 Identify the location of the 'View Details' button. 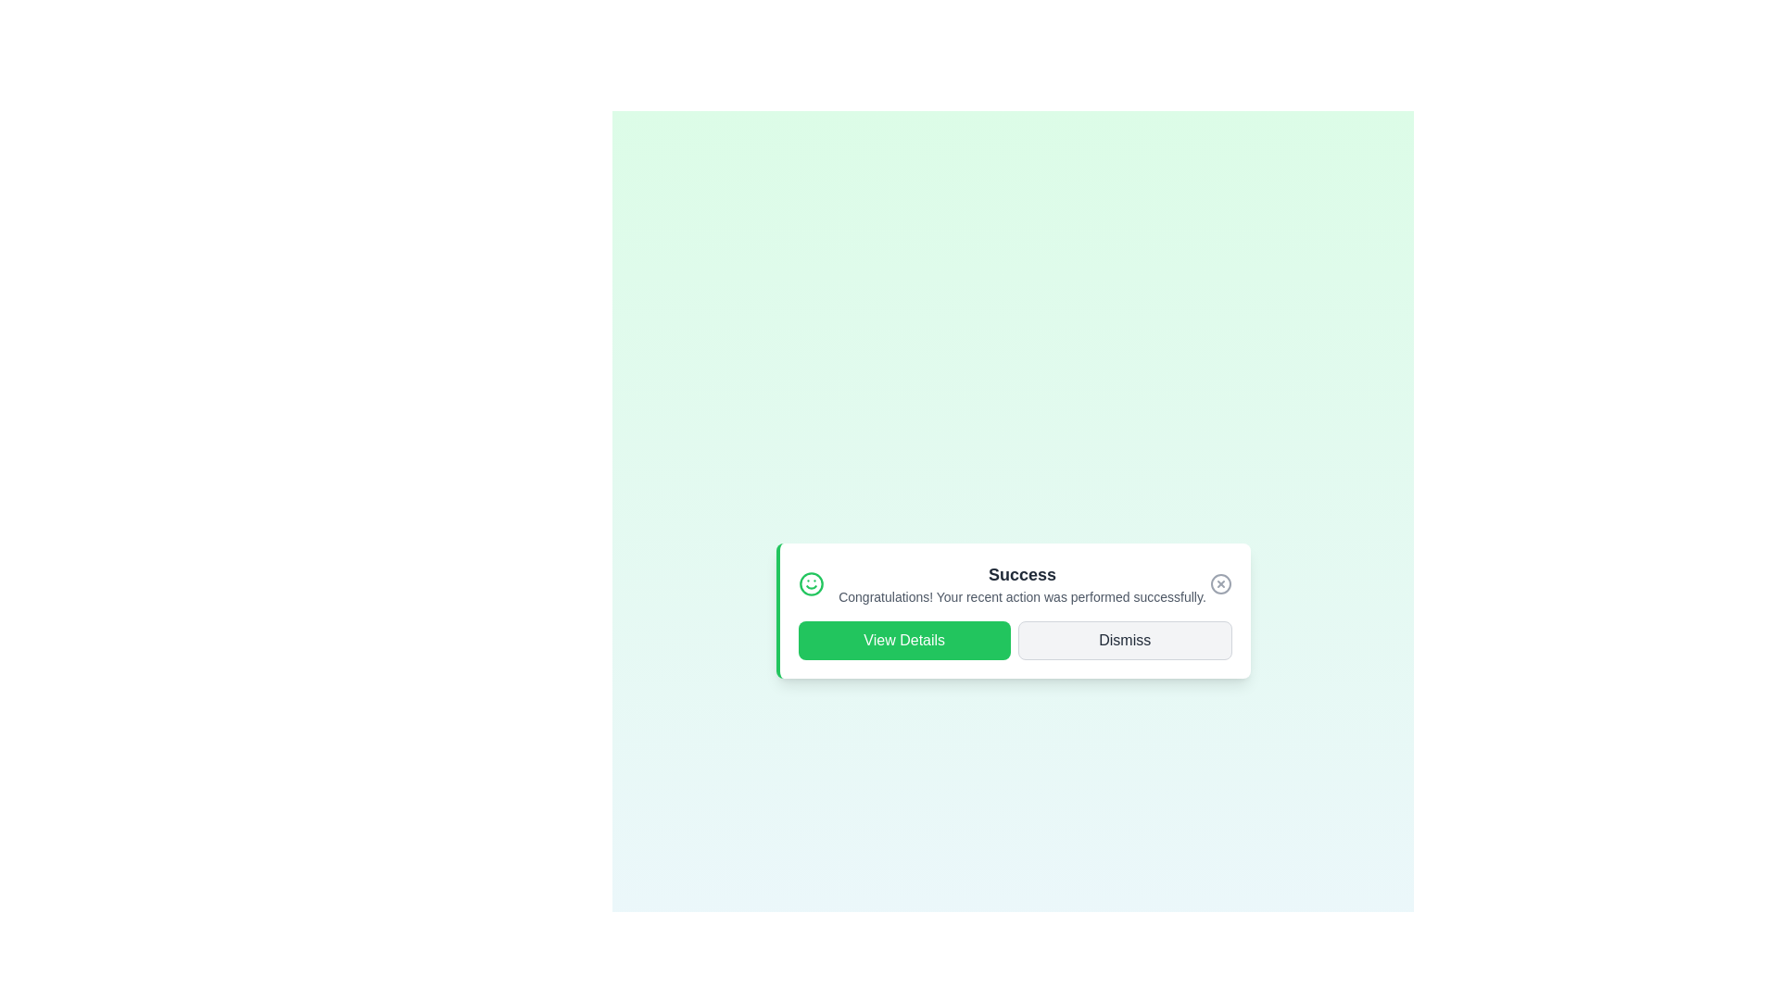
(903, 639).